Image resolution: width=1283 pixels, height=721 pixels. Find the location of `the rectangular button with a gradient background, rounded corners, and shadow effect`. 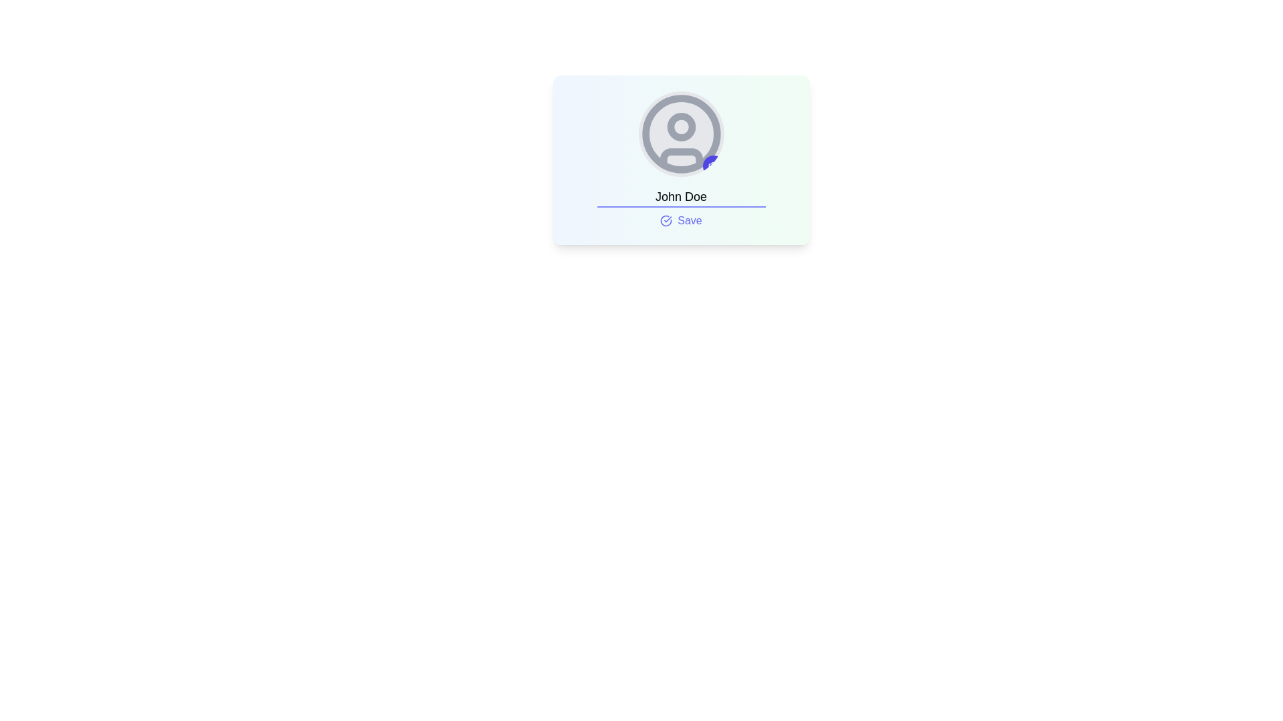

the rectangular button with a gradient background, rounded corners, and shadow effect is located at coordinates (681, 159).